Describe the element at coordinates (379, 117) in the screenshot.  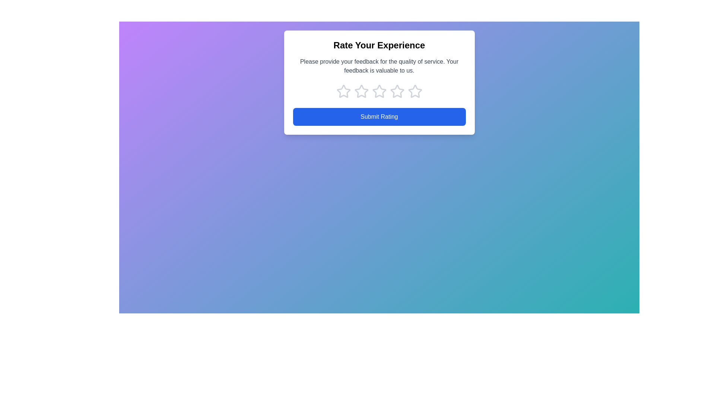
I see `the submit button to submit the feedback` at that location.